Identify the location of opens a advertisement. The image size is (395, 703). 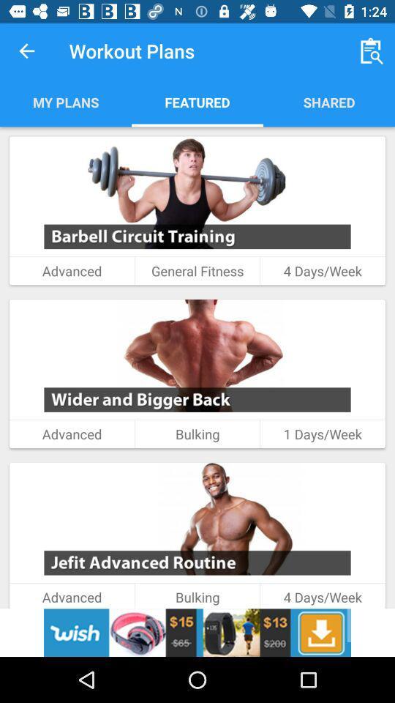
(197, 632).